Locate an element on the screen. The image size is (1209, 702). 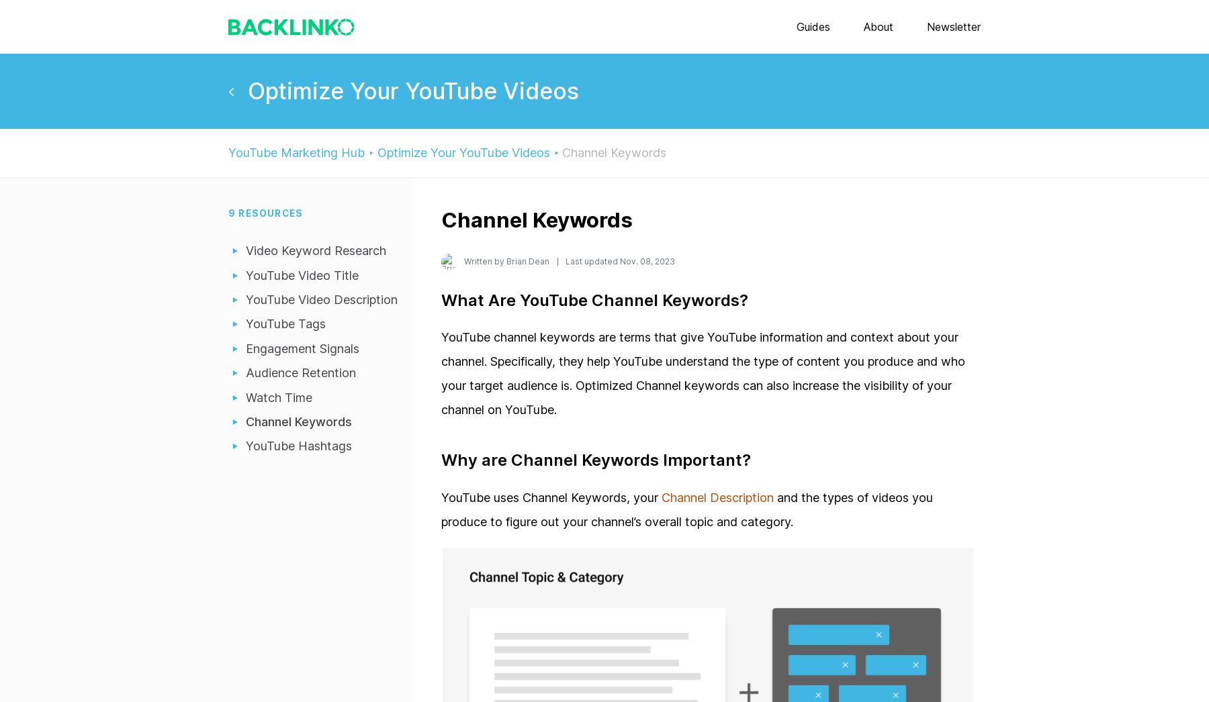
'Guides' is located at coordinates (813, 26).